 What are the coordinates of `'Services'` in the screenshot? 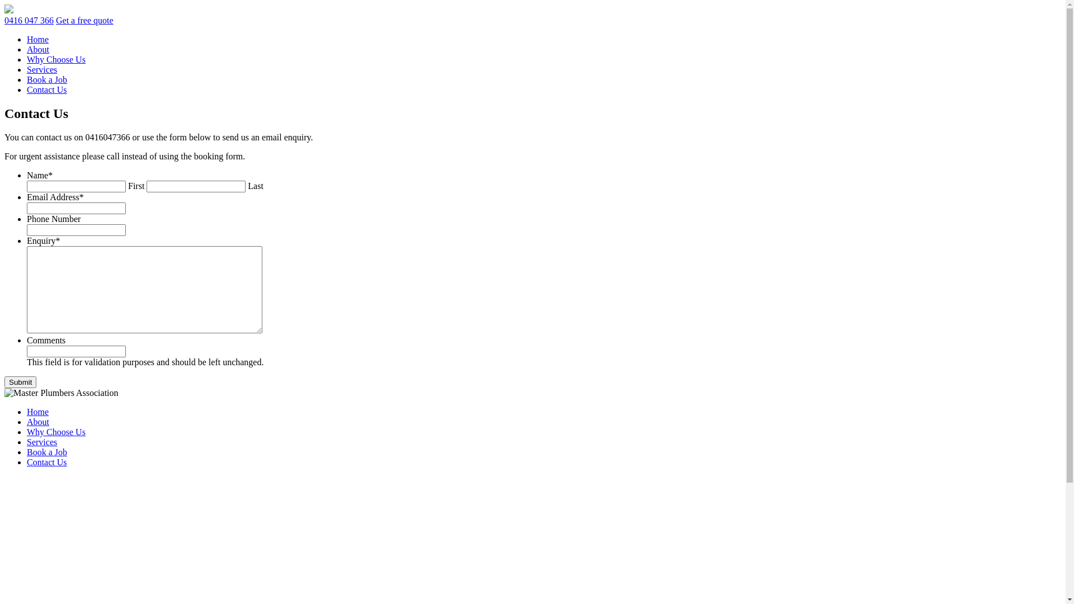 It's located at (42, 69).